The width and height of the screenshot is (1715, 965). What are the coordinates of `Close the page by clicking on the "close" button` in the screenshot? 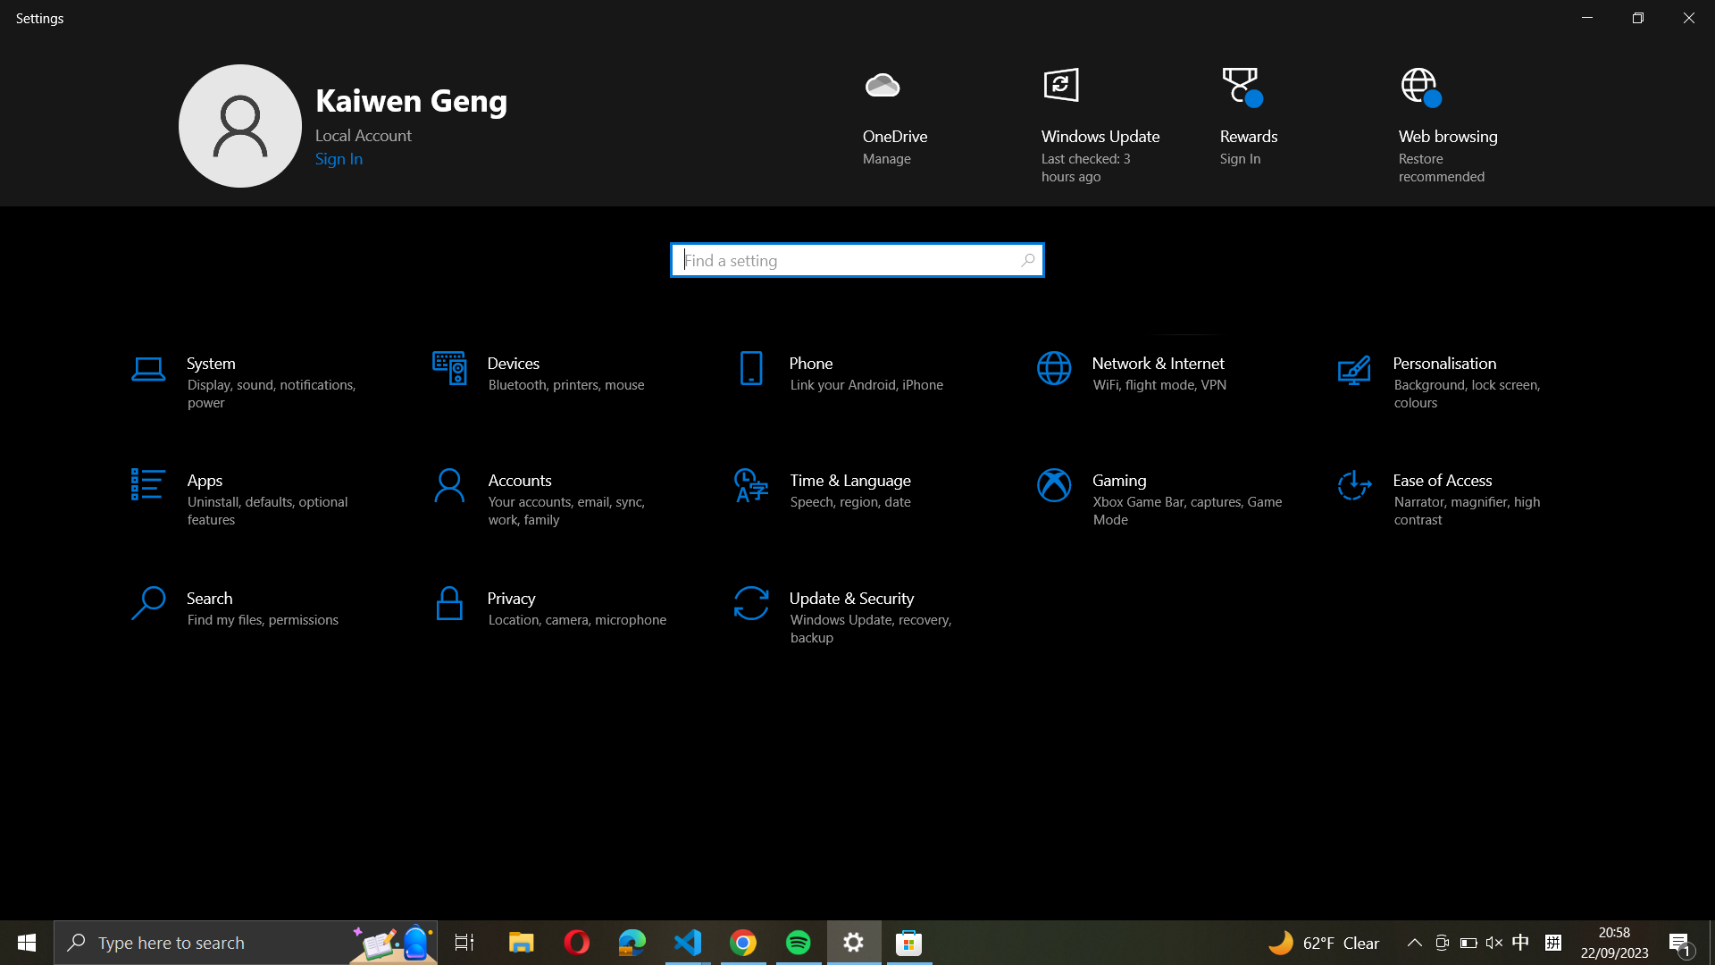 It's located at (1692, 18).